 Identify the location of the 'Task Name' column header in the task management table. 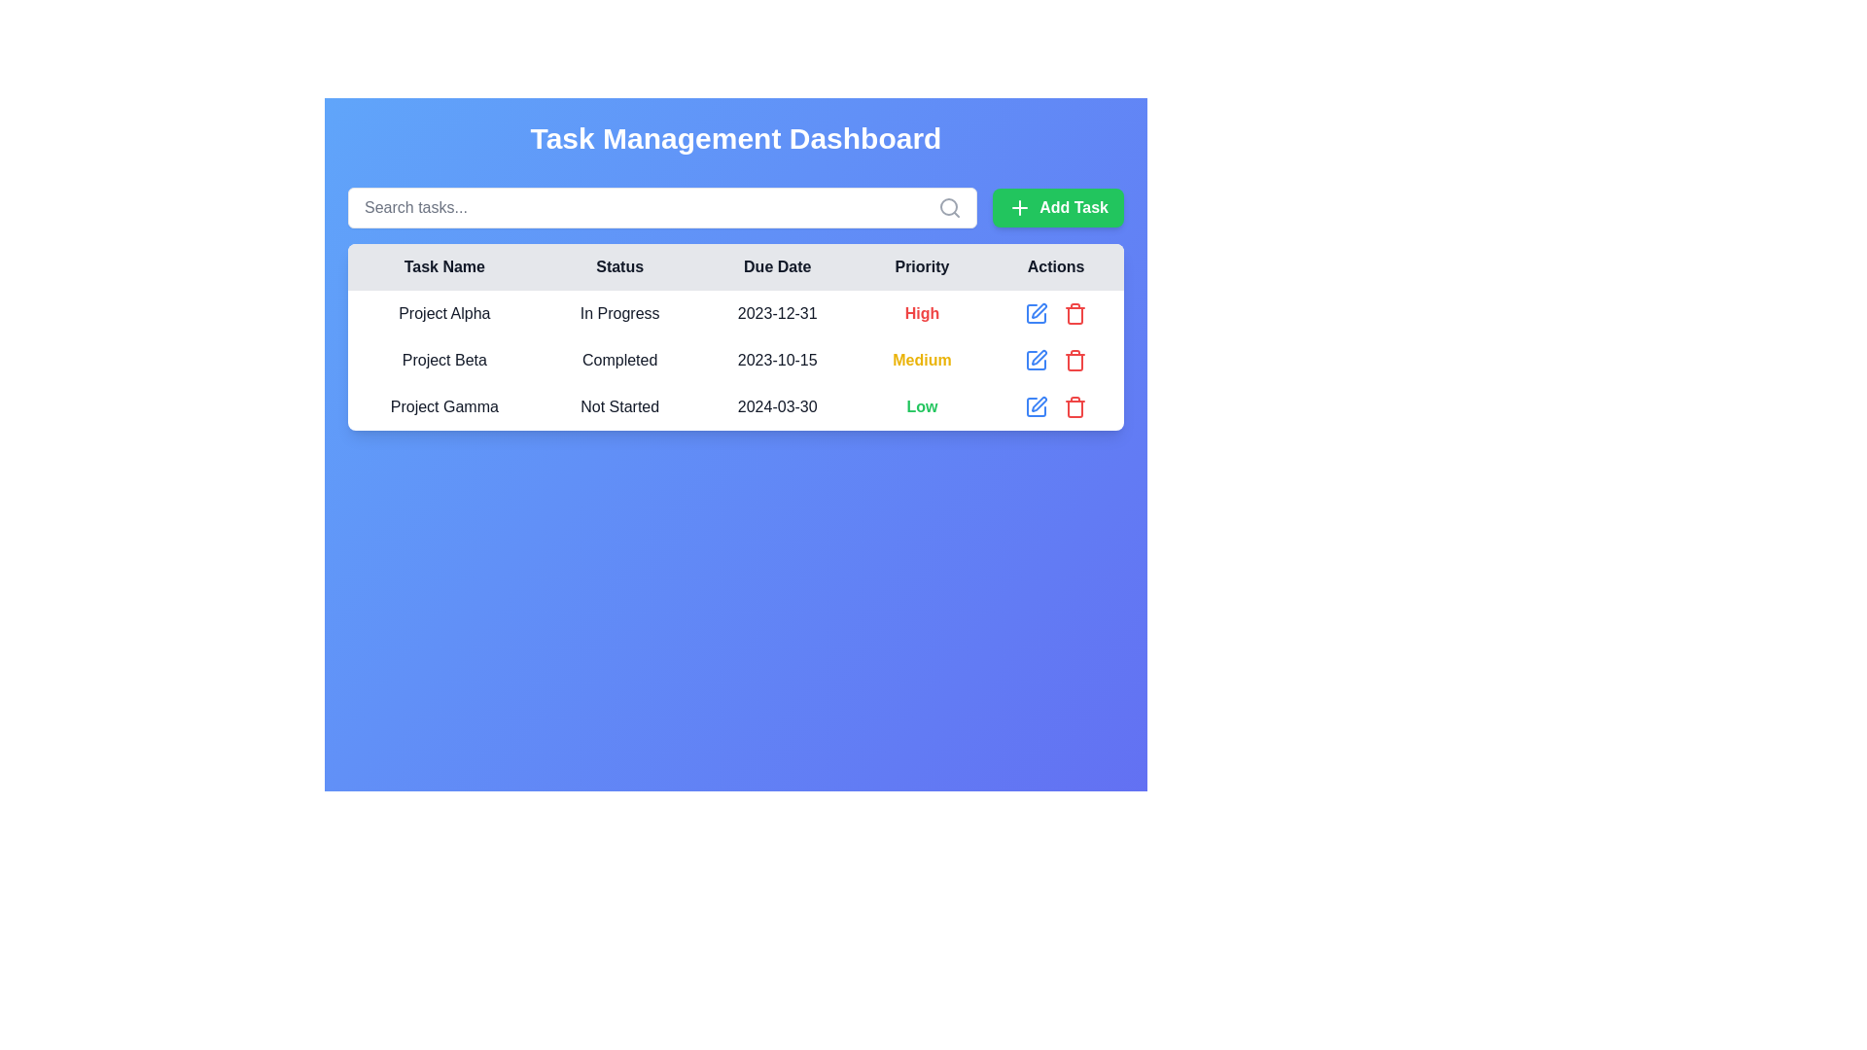
(443, 266).